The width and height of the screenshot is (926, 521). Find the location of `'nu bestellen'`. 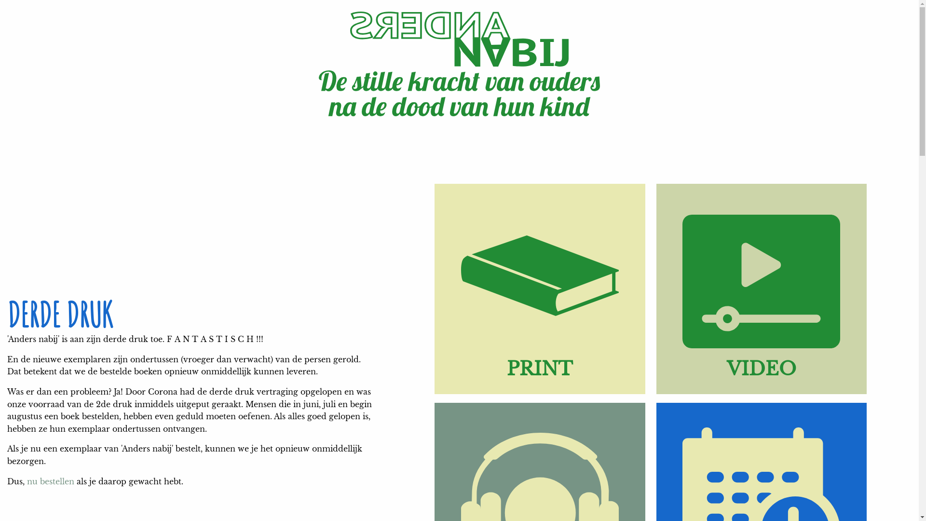

'nu bestellen' is located at coordinates (50, 481).